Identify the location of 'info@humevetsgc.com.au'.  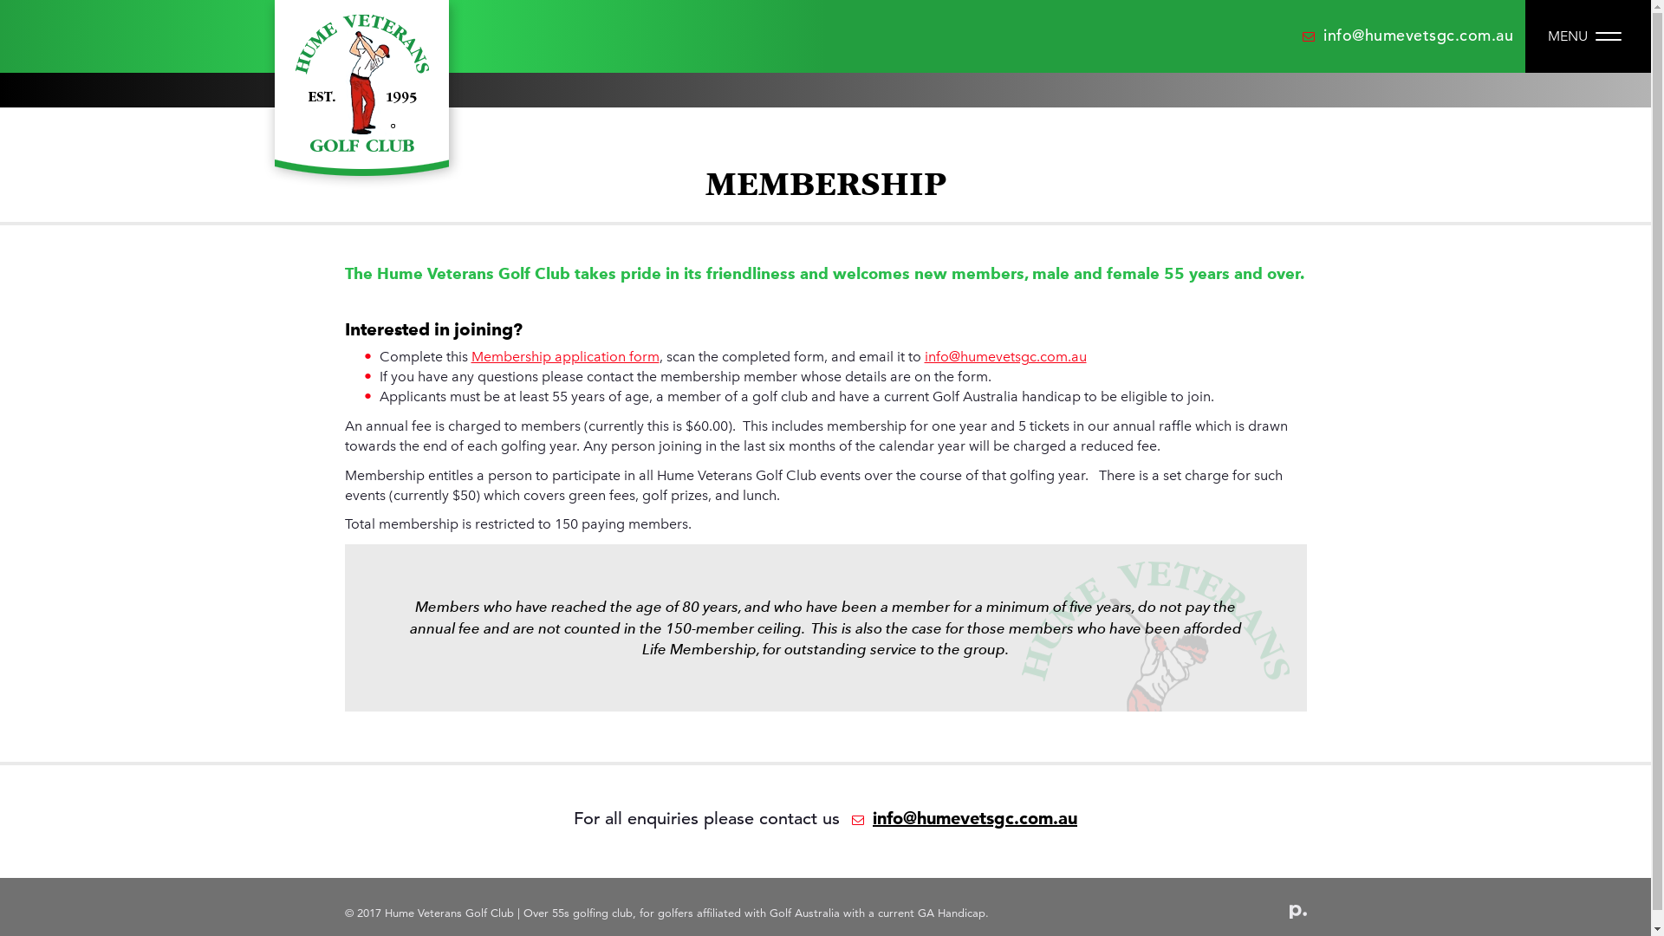
(1004, 355).